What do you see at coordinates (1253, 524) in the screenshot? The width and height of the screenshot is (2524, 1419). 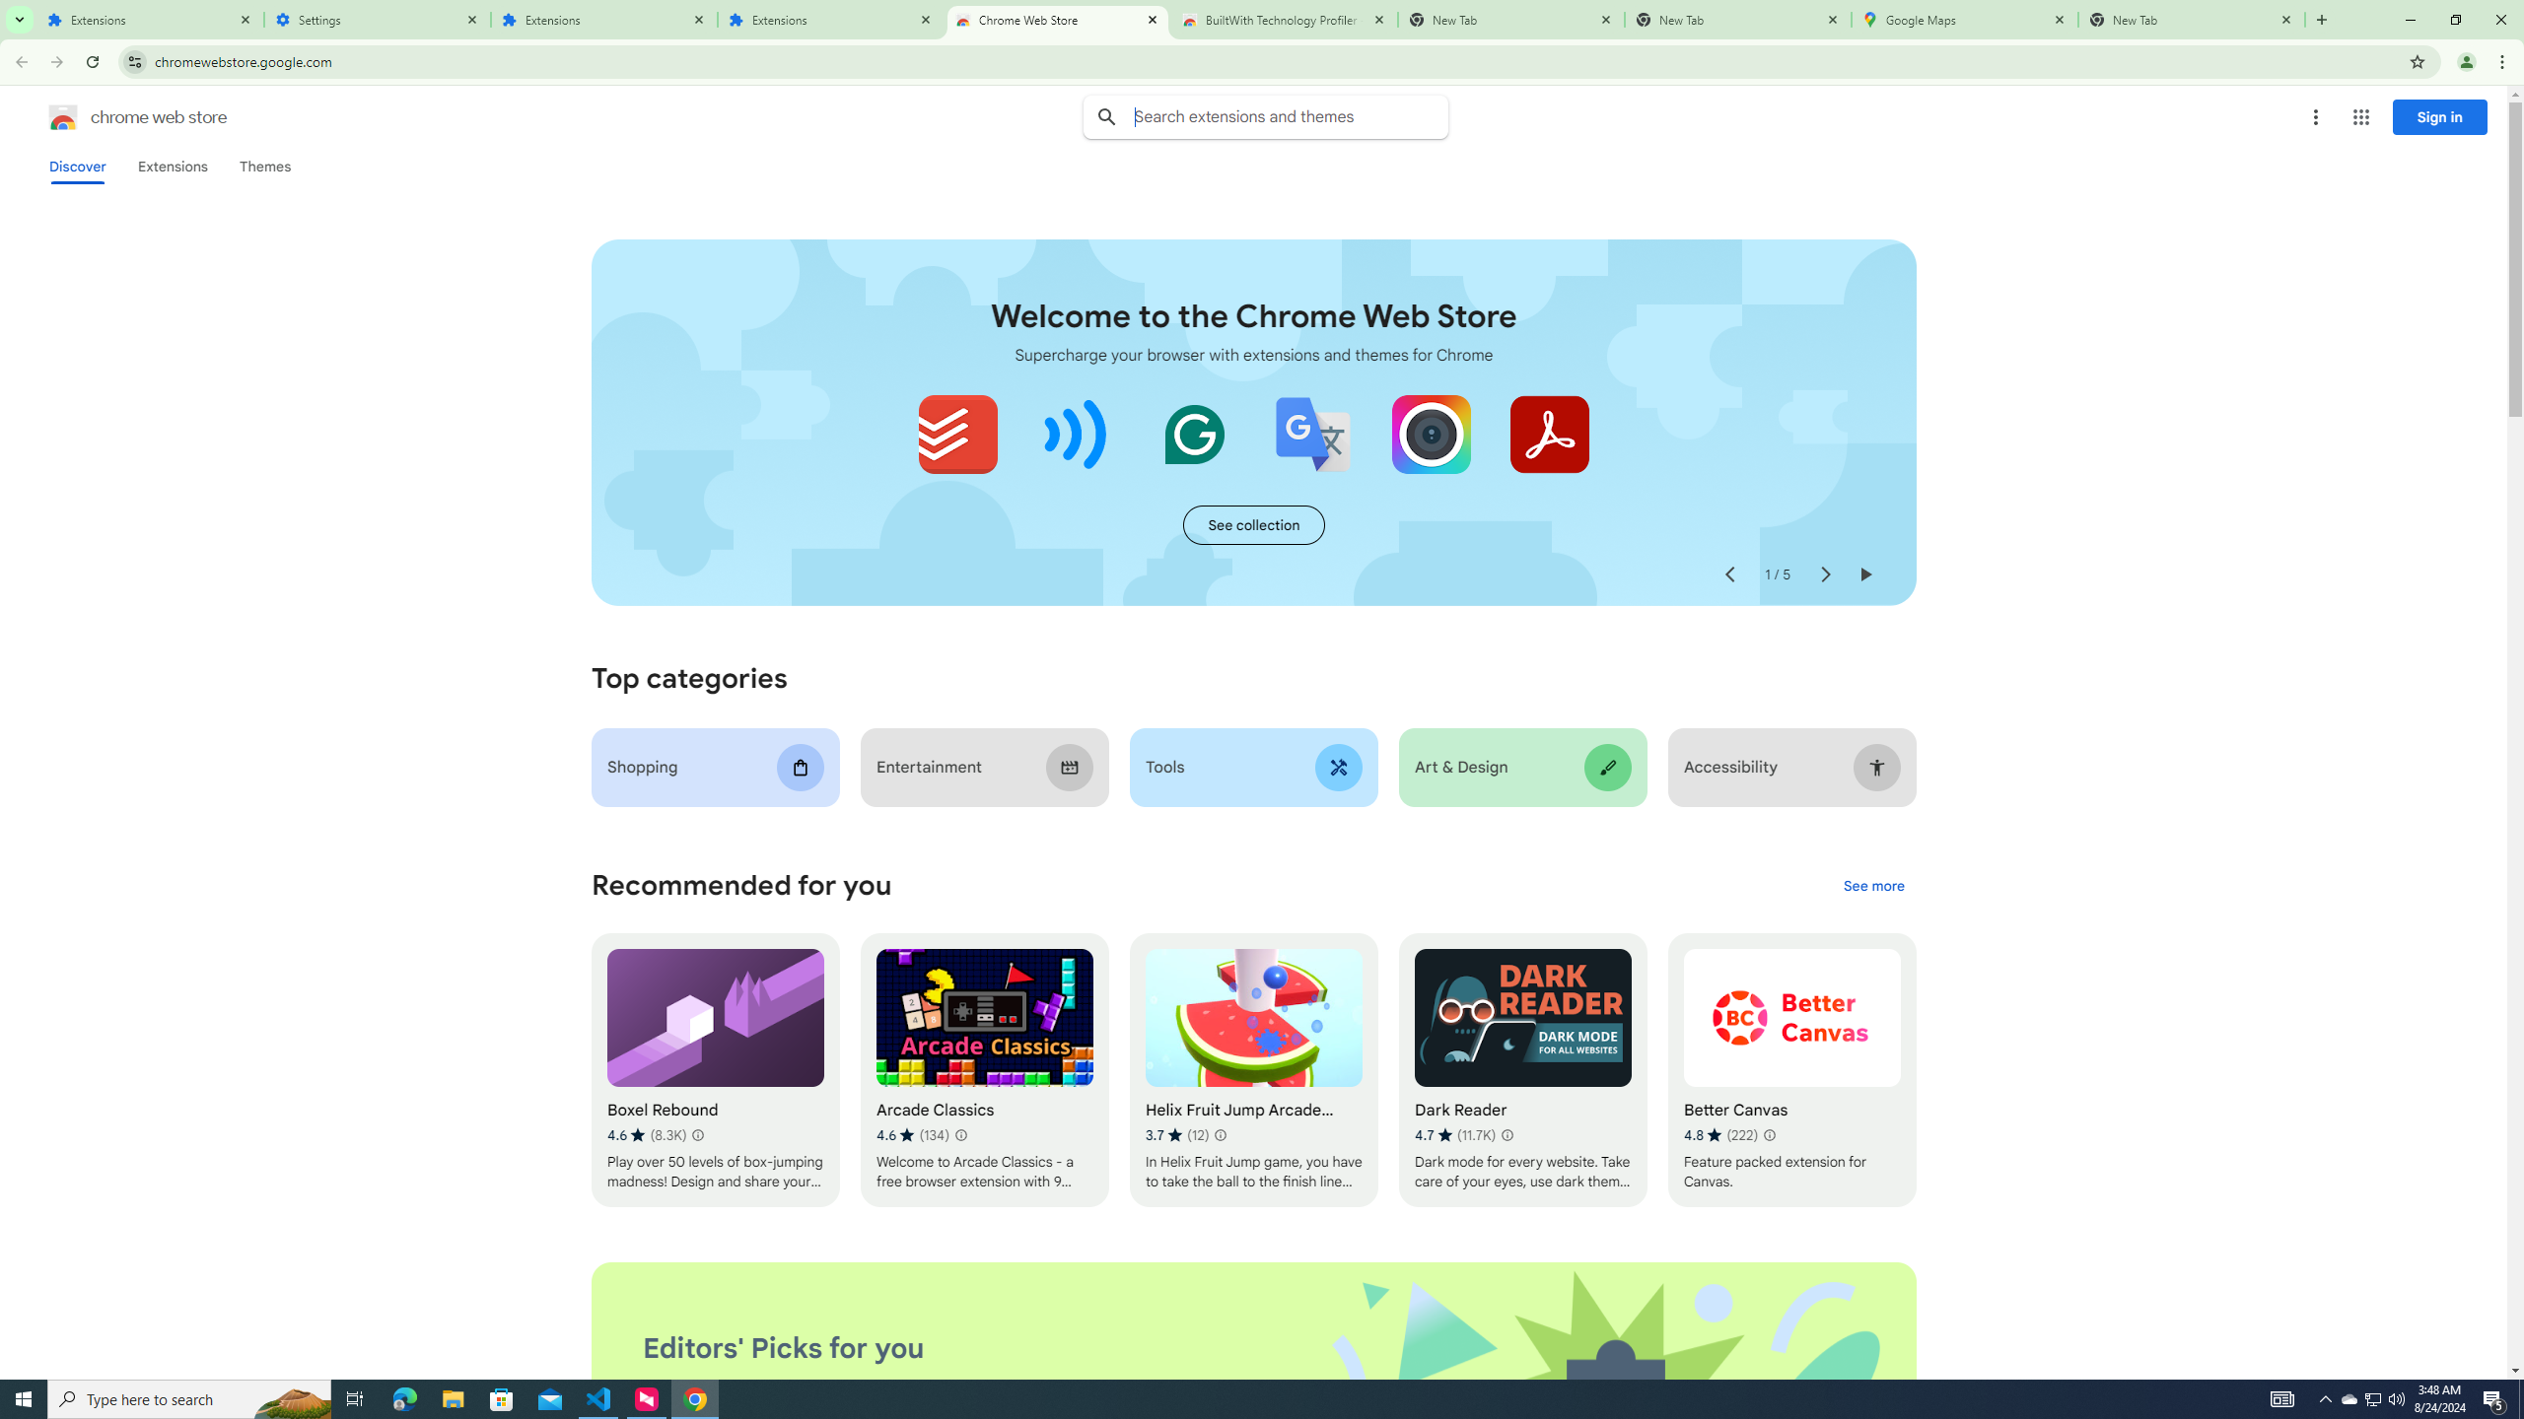 I see `'See more of the "Extensions starter kit" collection'` at bounding box center [1253, 524].